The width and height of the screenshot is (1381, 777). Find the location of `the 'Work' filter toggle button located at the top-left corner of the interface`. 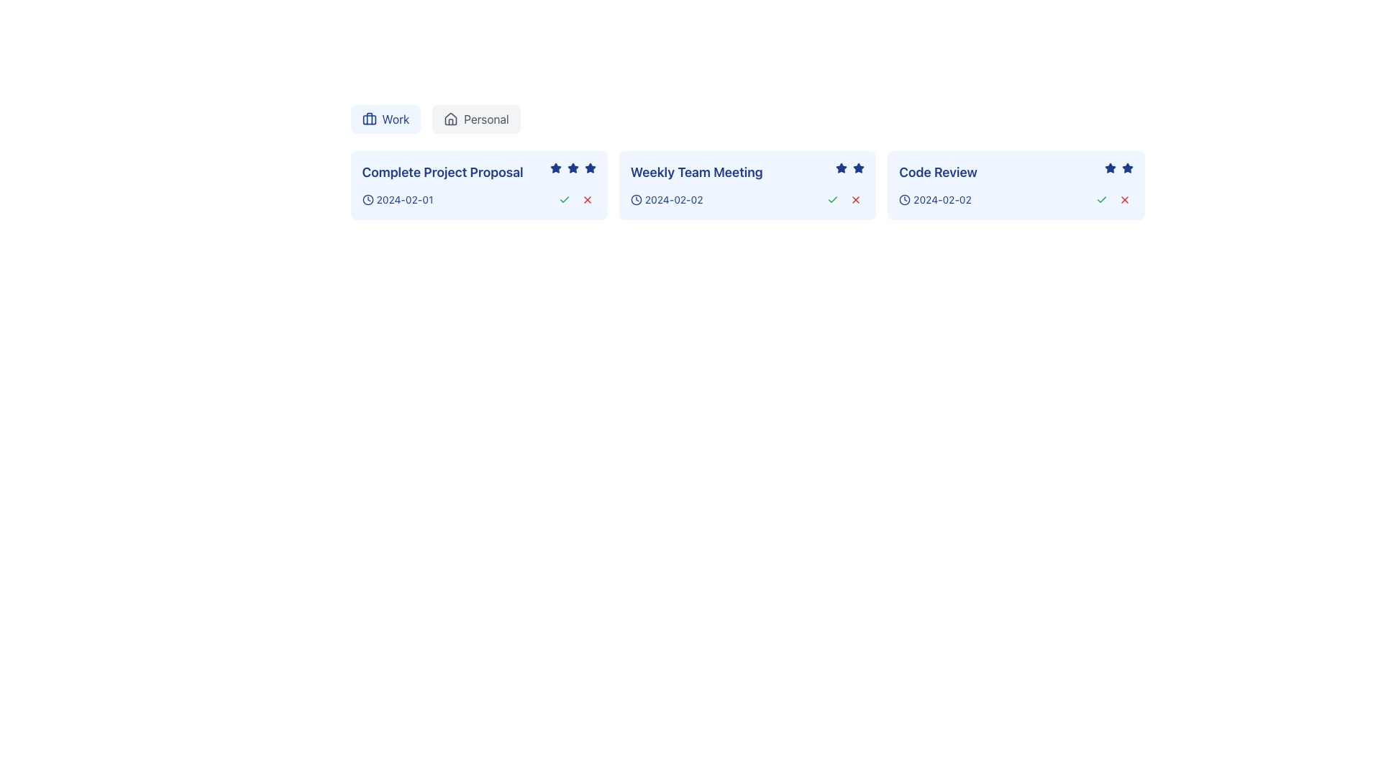

the 'Work' filter toggle button located at the top-left corner of the interface is located at coordinates (386, 118).